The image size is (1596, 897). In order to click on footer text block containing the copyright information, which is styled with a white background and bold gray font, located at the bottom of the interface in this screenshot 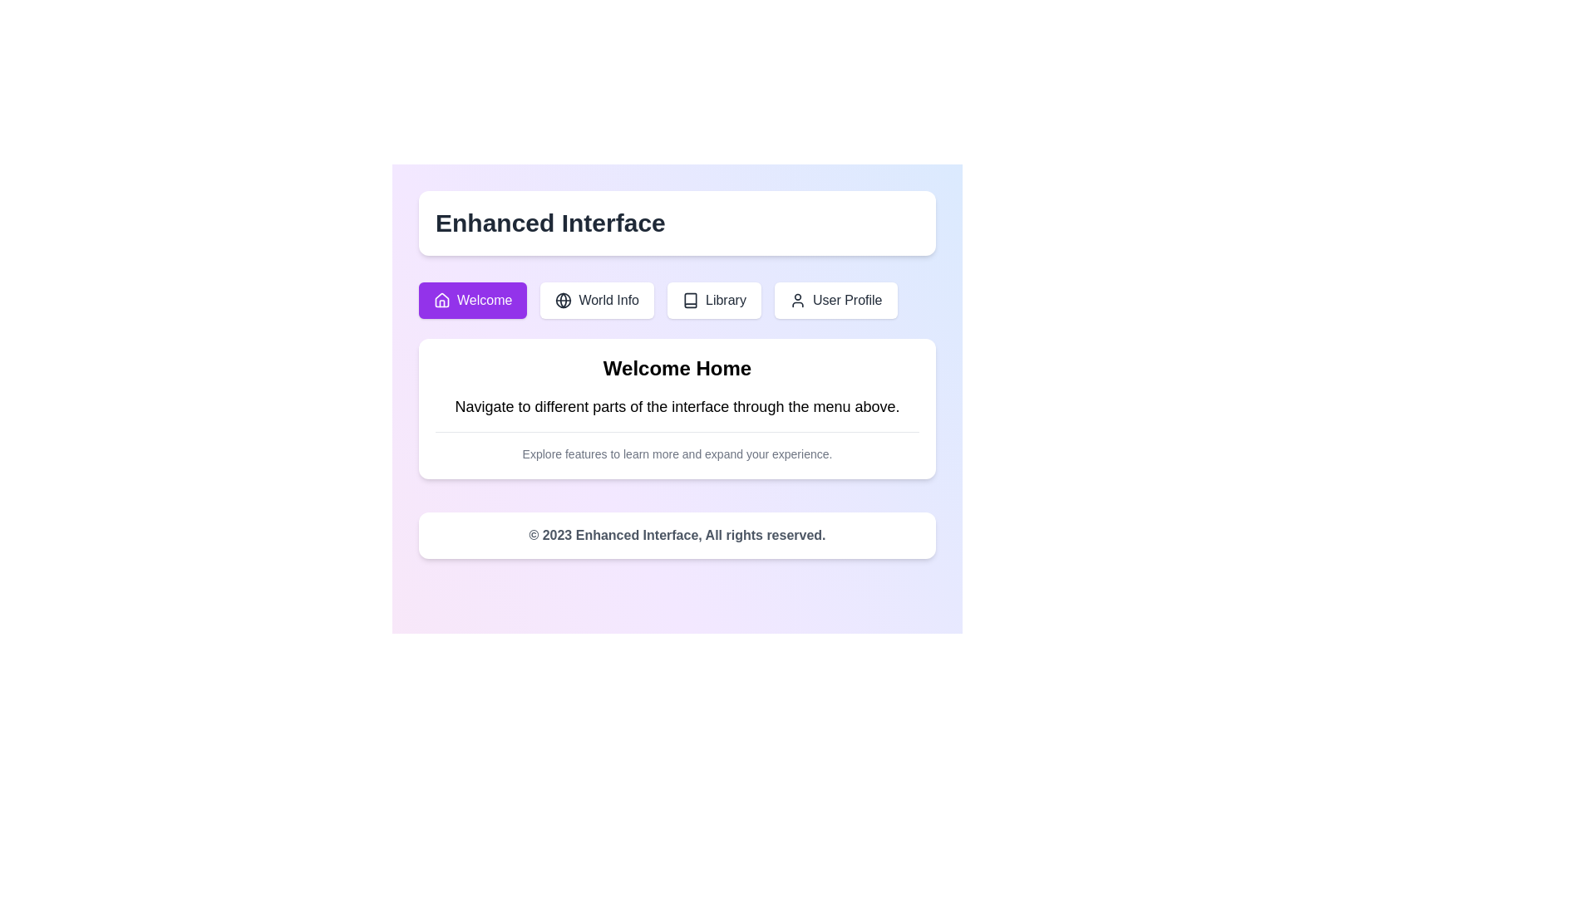, I will do `click(677, 535)`.